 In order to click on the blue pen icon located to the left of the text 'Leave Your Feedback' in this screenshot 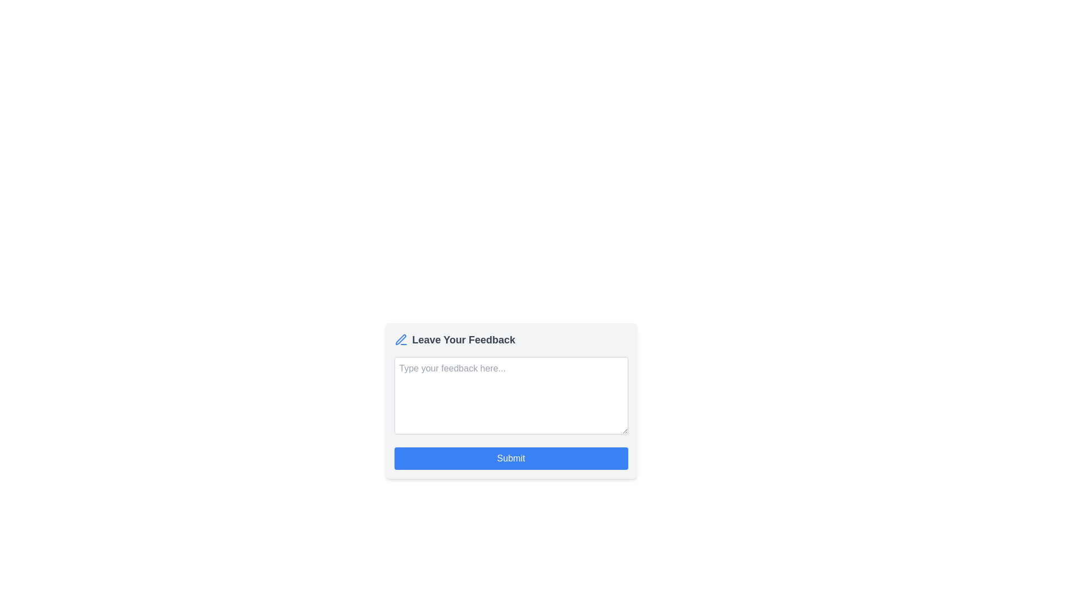, I will do `click(401, 339)`.